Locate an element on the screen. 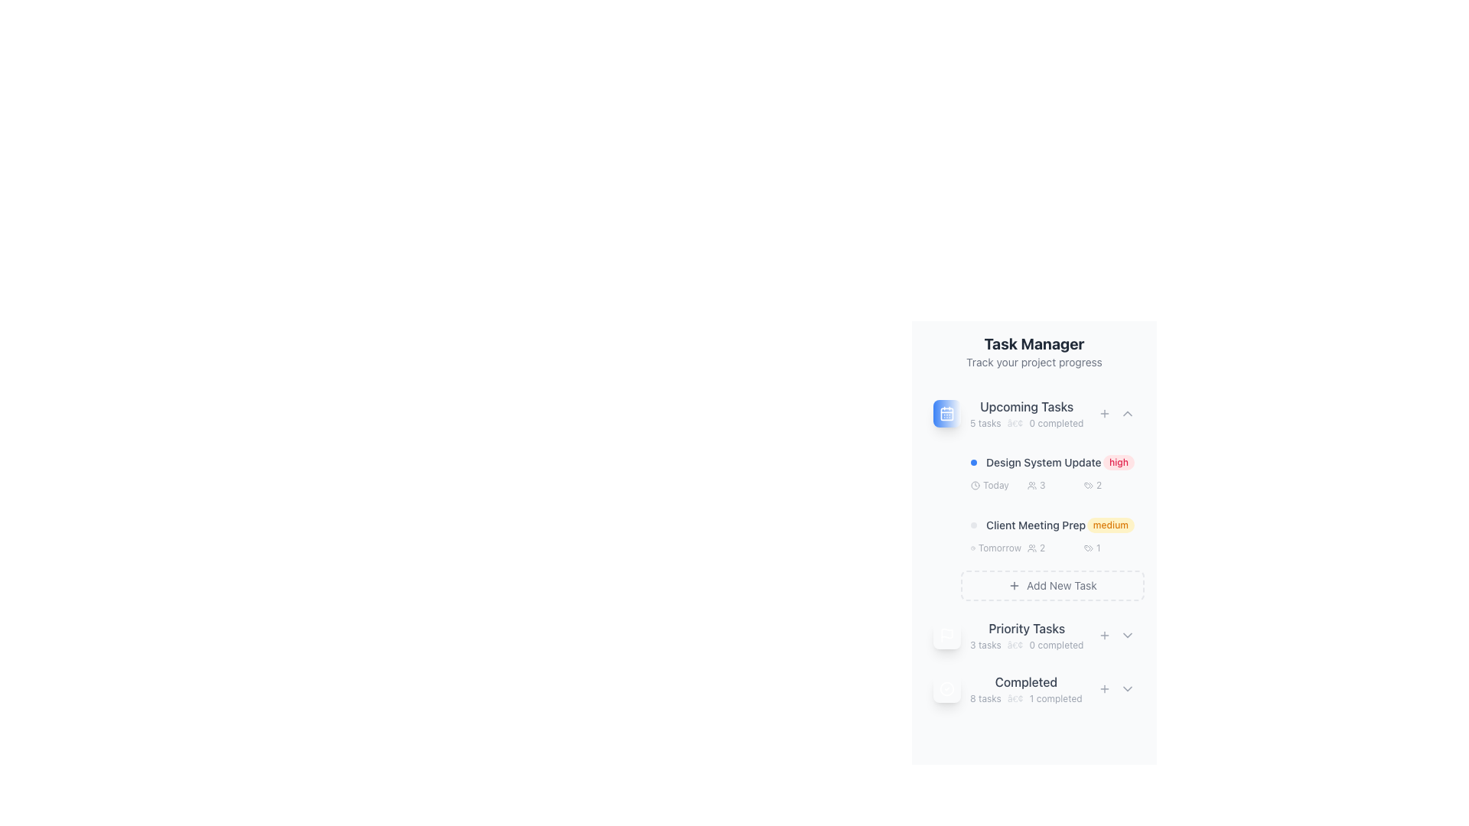  the text label displaying the number of completed tasks in the task organizer interface, located in the lower section of the task panel is located at coordinates (1026, 689).